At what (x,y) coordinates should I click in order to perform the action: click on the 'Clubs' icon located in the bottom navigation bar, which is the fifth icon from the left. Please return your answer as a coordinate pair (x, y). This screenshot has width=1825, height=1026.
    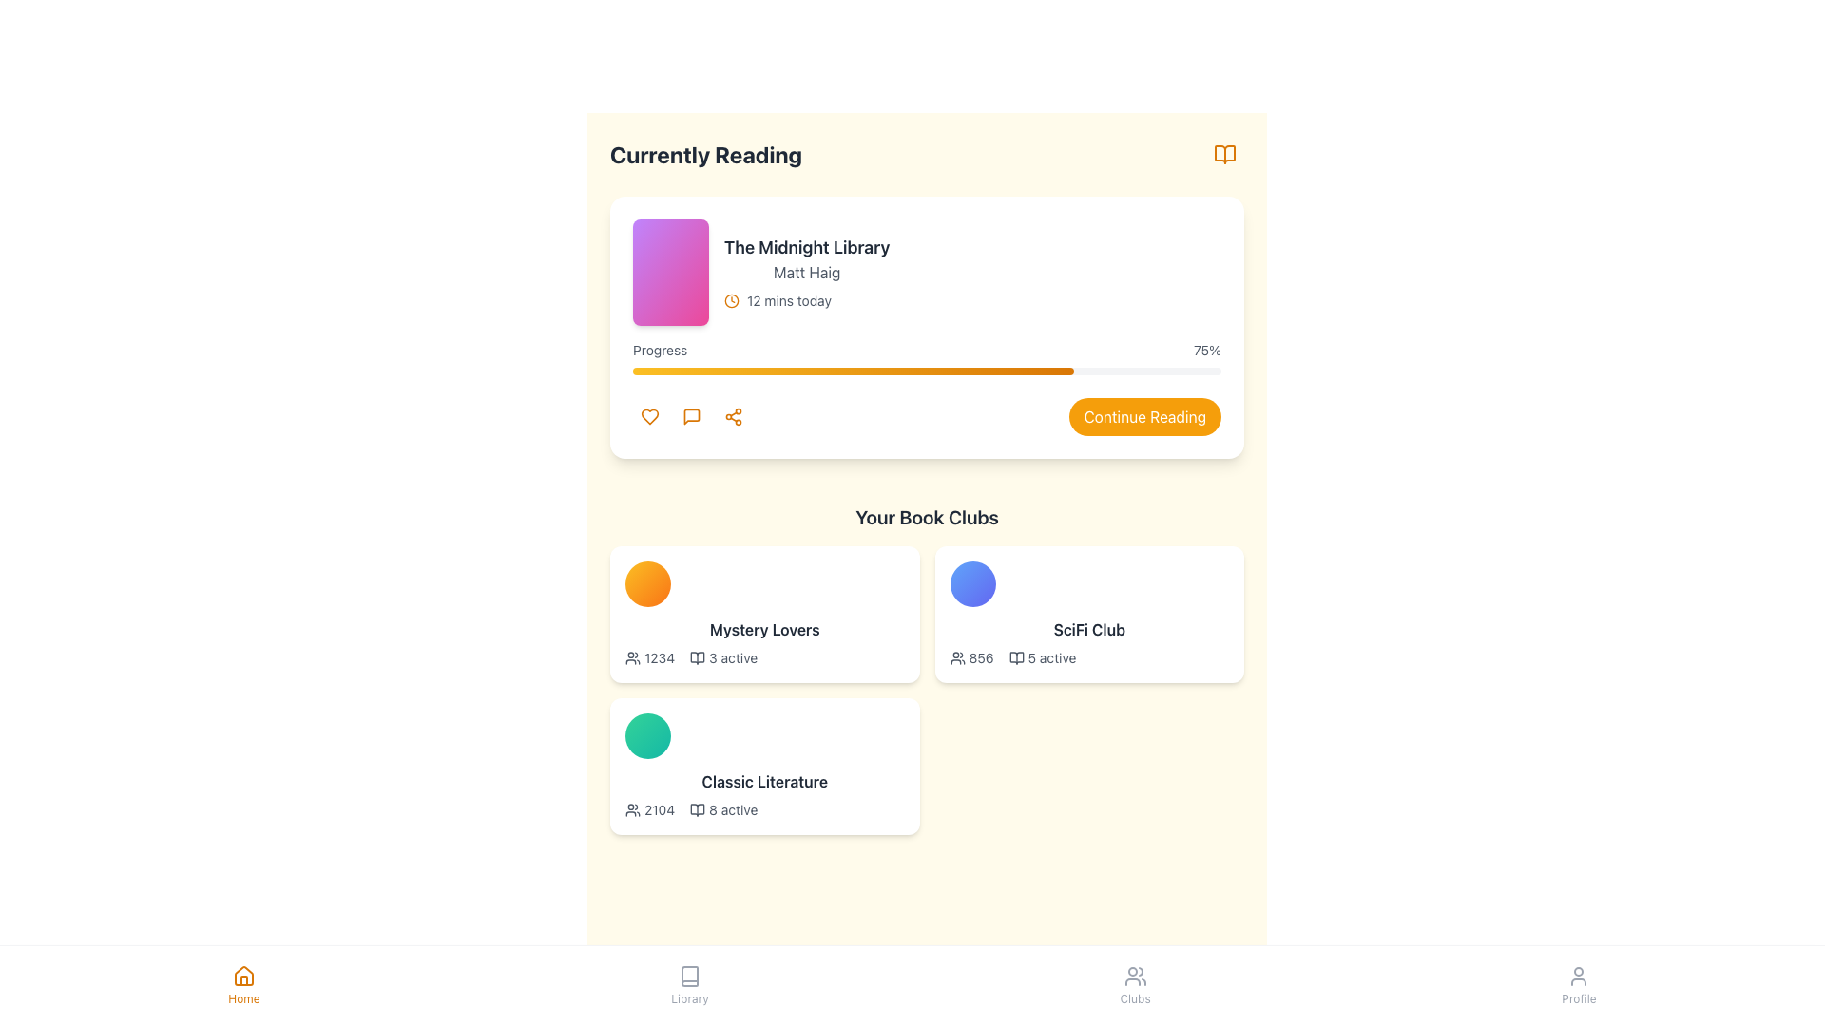
    Looking at the image, I should click on (1135, 977).